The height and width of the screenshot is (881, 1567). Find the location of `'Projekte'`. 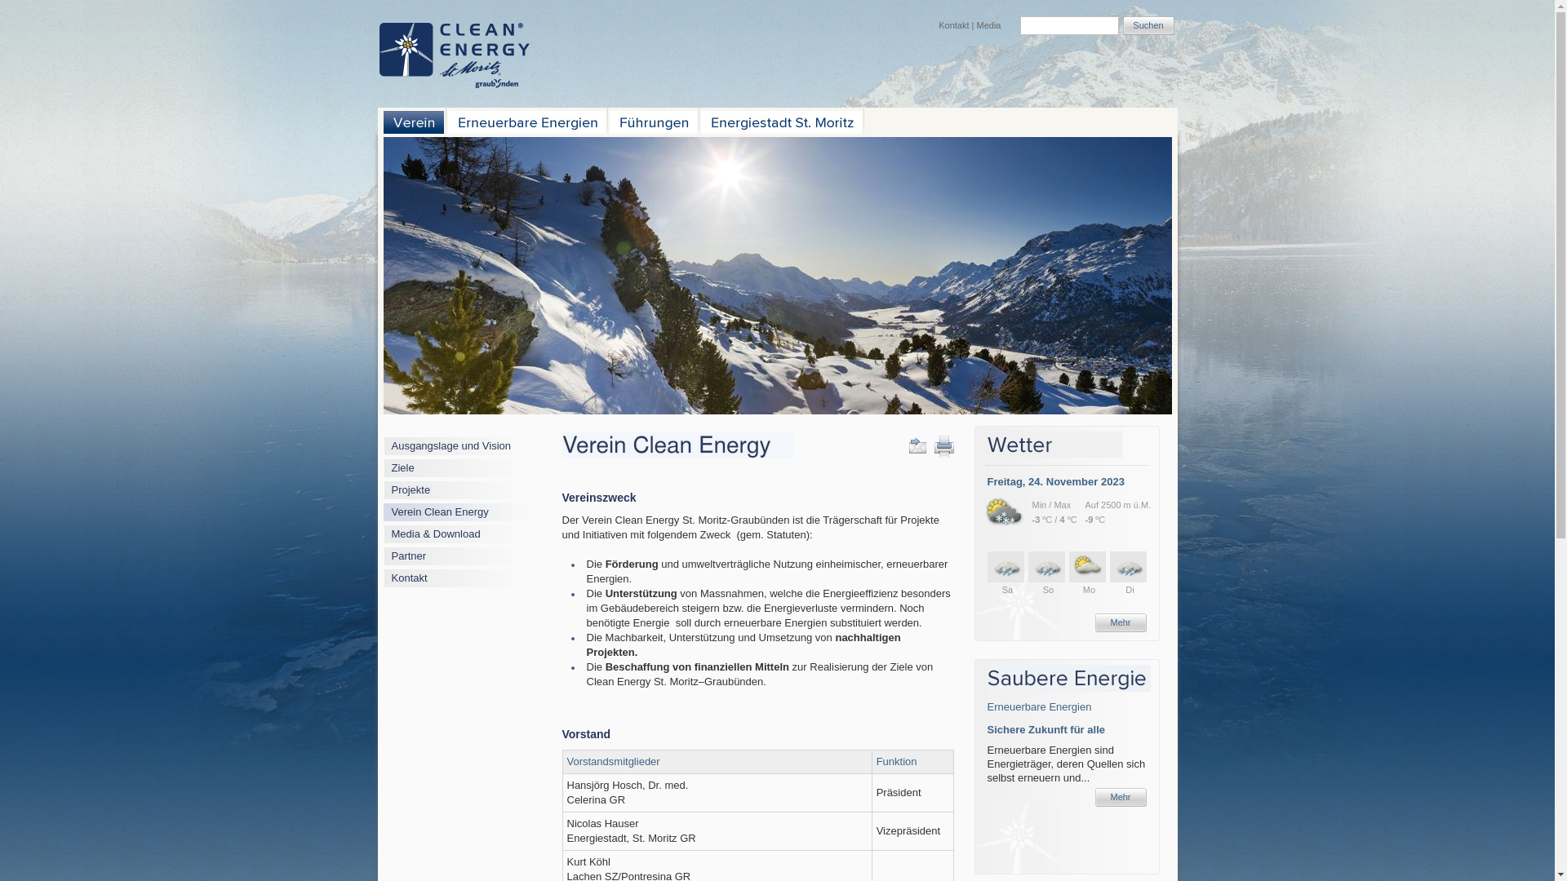

'Projekte' is located at coordinates (411, 489).